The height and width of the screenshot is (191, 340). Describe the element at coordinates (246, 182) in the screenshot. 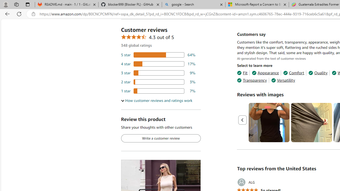

I see `'ALG'` at that location.